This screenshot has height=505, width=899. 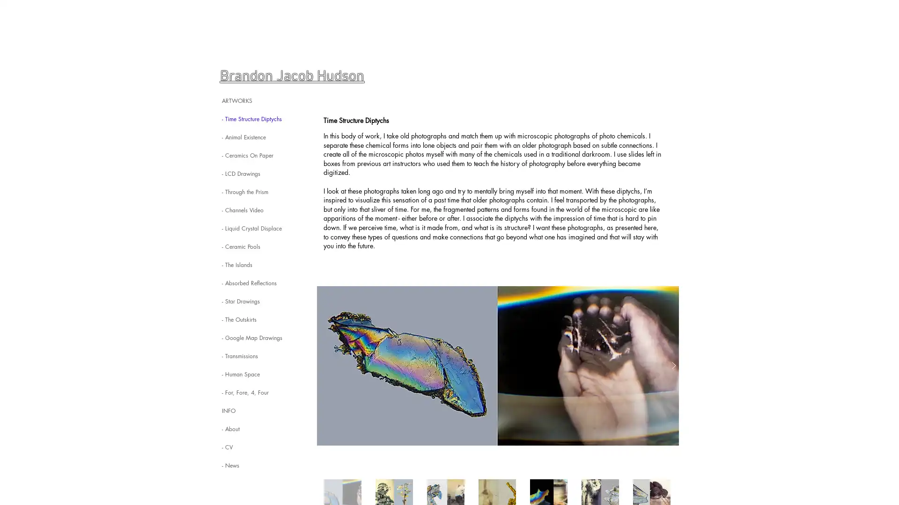 What do you see at coordinates (497, 365) in the screenshot?
I see `Time Structure Diptych IV by Brandon Hudson` at bounding box center [497, 365].